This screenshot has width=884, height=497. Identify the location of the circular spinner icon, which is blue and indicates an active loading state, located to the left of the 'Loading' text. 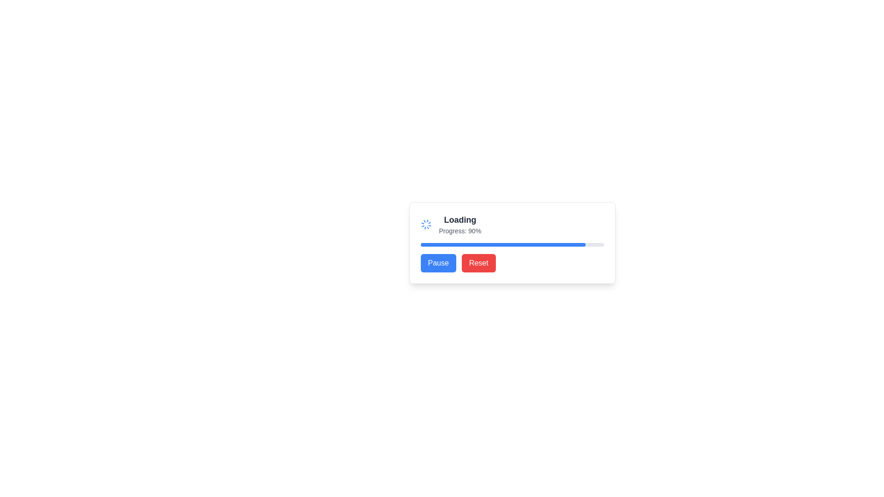
(425, 225).